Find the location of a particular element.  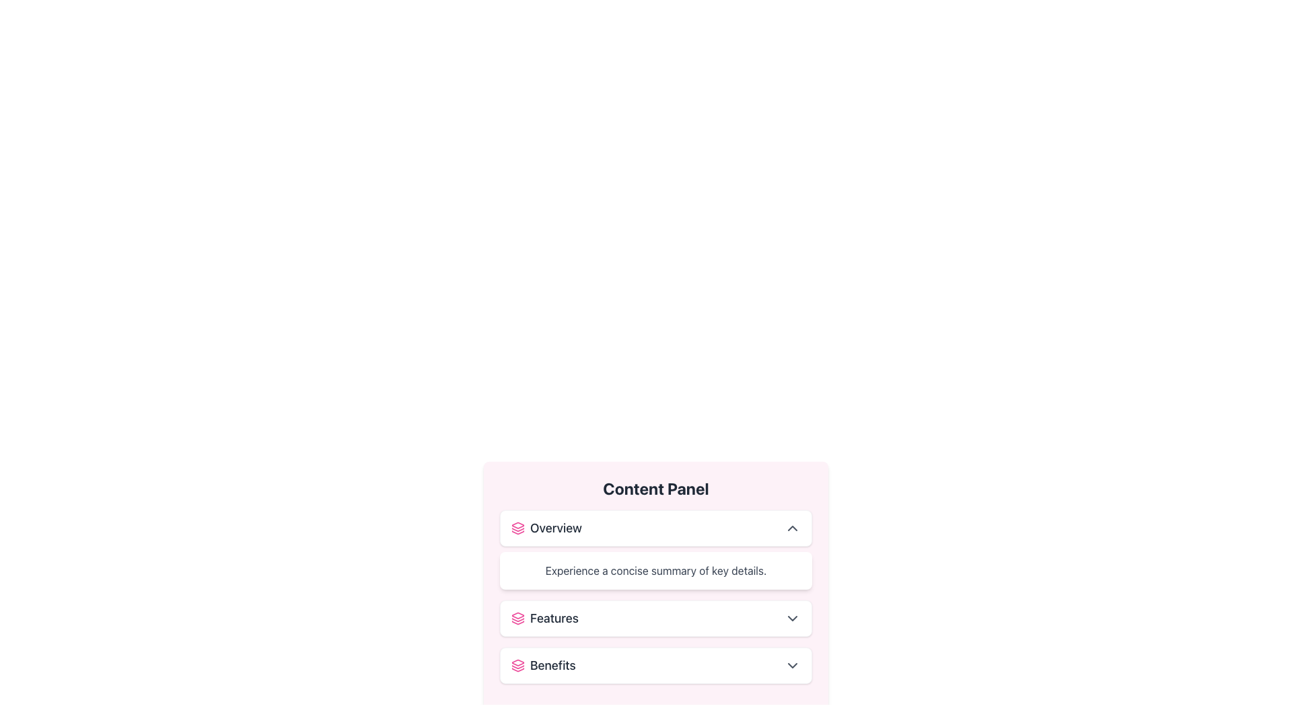

third layer icon adjacent to the 'Benefits' label in the content panel is located at coordinates (517, 670).